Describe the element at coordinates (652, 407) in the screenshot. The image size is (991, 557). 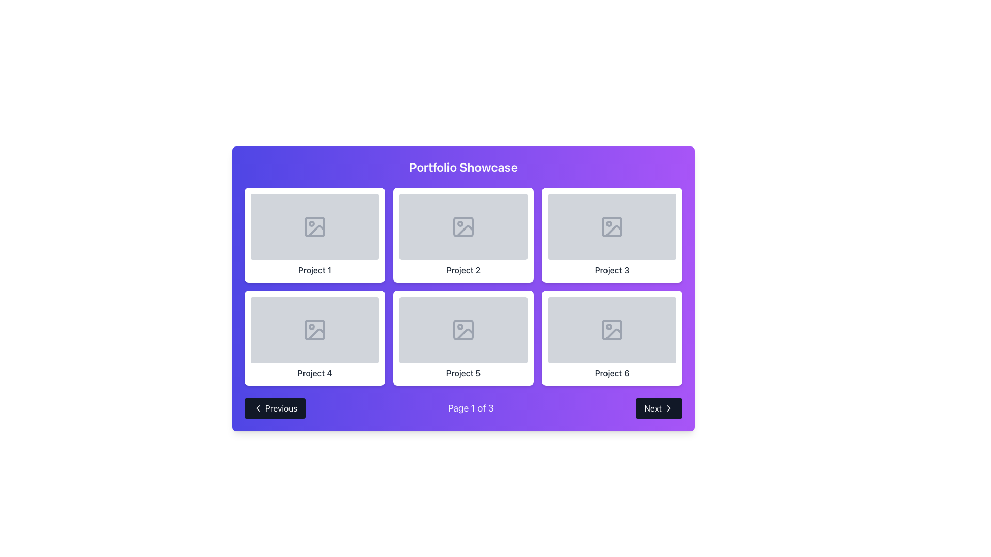
I see `the pagination 'Next' Text Label located at the bottom-right corner of the interface` at that location.